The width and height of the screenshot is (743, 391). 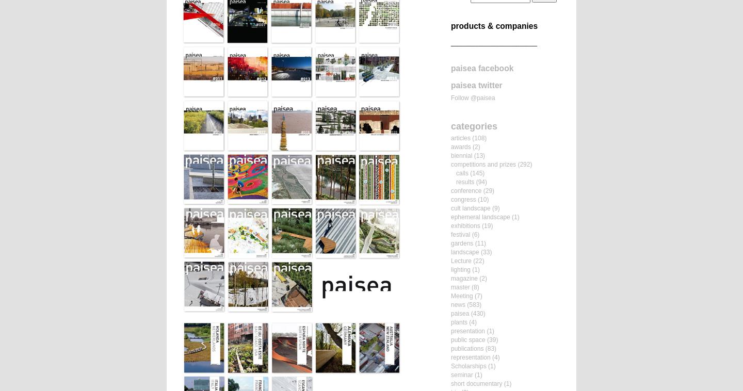 What do you see at coordinates (450, 278) in the screenshot?
I see `'magazine'` at bounding box center [450, 278].